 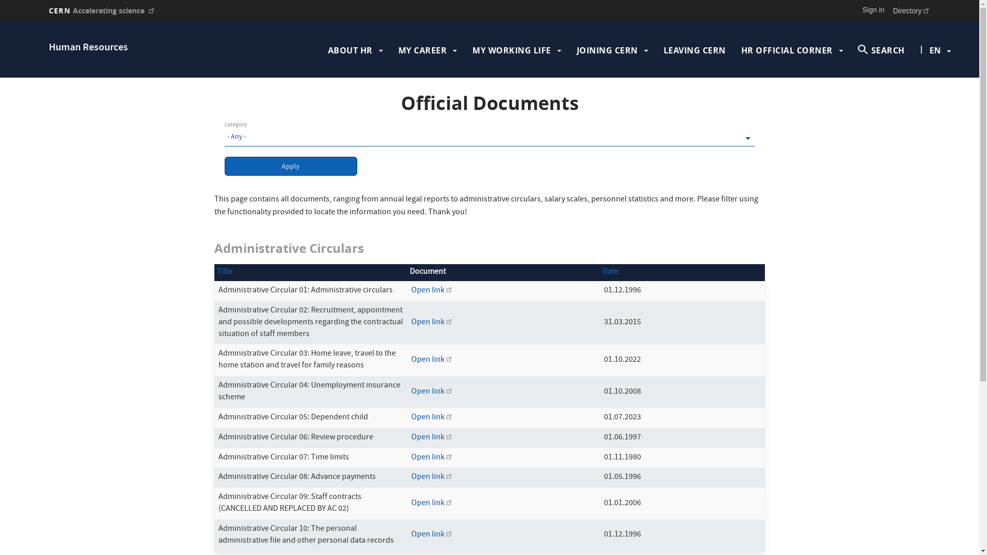 I want to click on 'JOINING CERN', so click(x=607, y=50).